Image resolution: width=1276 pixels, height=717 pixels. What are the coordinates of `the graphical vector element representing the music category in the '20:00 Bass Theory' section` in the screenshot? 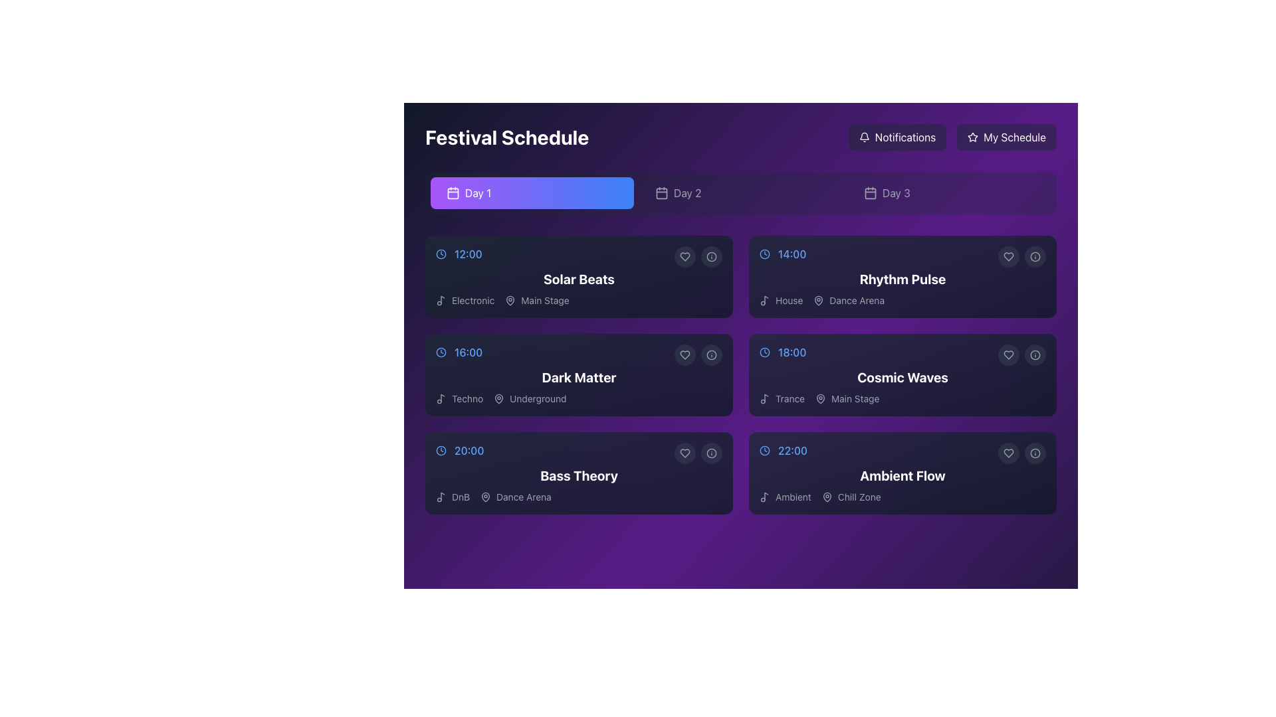 It's located at (443, 496).